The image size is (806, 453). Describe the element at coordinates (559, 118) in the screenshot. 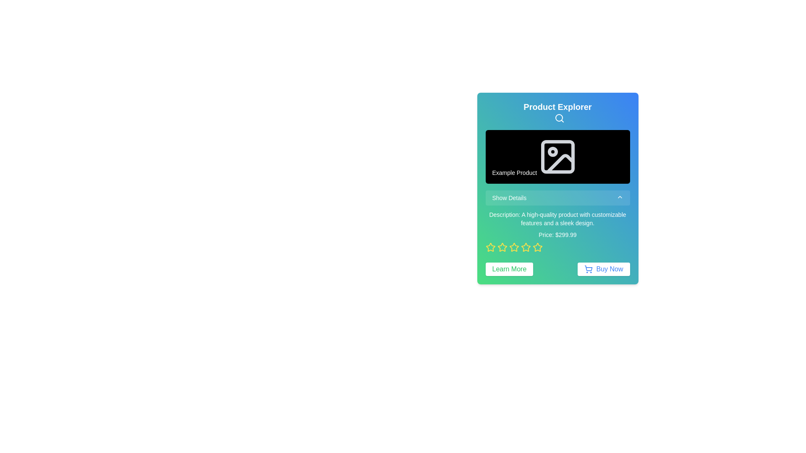

I see `the magnifying glass icon located below the 'Product Explorer' title text, which is styled with a circular frame and has a handle extending towards the bottom right` at that location.